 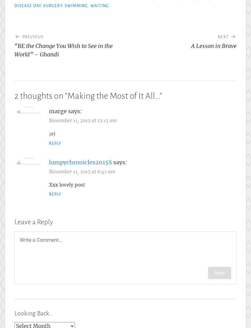 I want to click on 'lumpychronicles2015S', so click(x=80, y=162).